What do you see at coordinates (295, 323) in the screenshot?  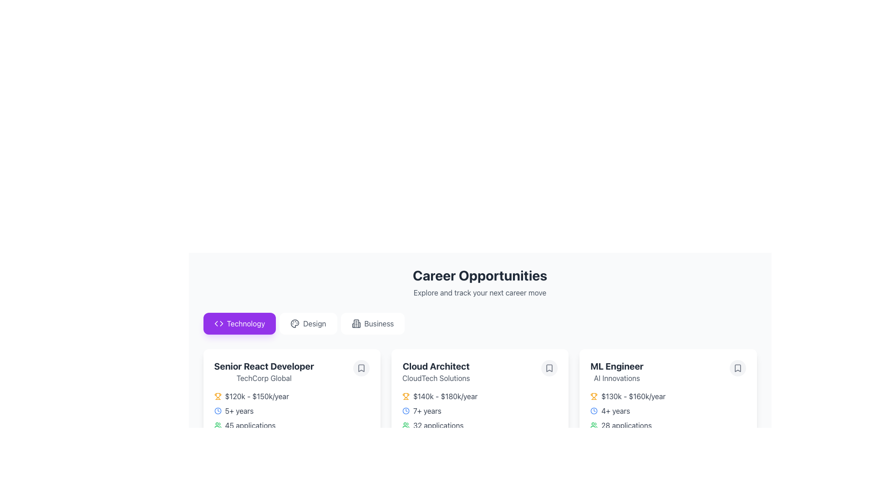 I see `the graphic icon resembling a painter's palette, which features an oval shape with rounded cutouts and four small circles representing paint dabs, located within the 'Design' button of the horizontal menu` at bounding box center [295, 323].